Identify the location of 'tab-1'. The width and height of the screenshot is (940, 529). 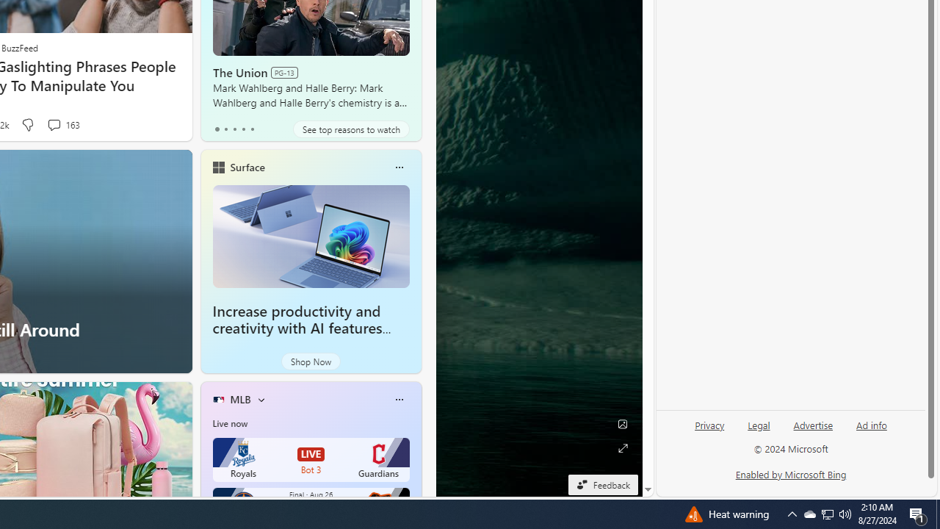
(225, 129).